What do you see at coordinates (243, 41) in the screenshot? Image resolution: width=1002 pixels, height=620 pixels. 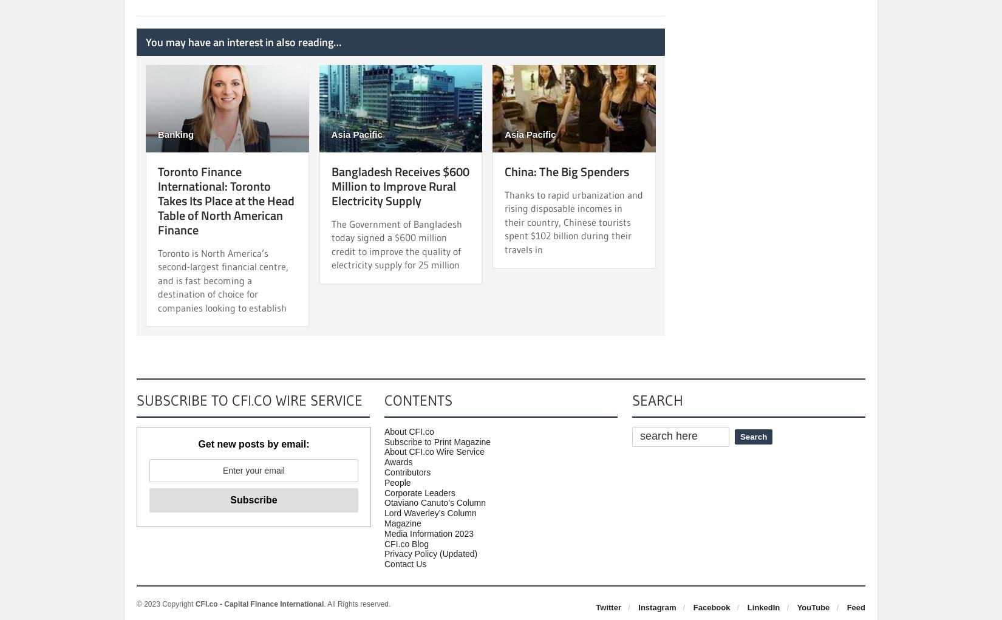 I see `'You may have an interest in also reading…'` at bounding box center [243, 41].